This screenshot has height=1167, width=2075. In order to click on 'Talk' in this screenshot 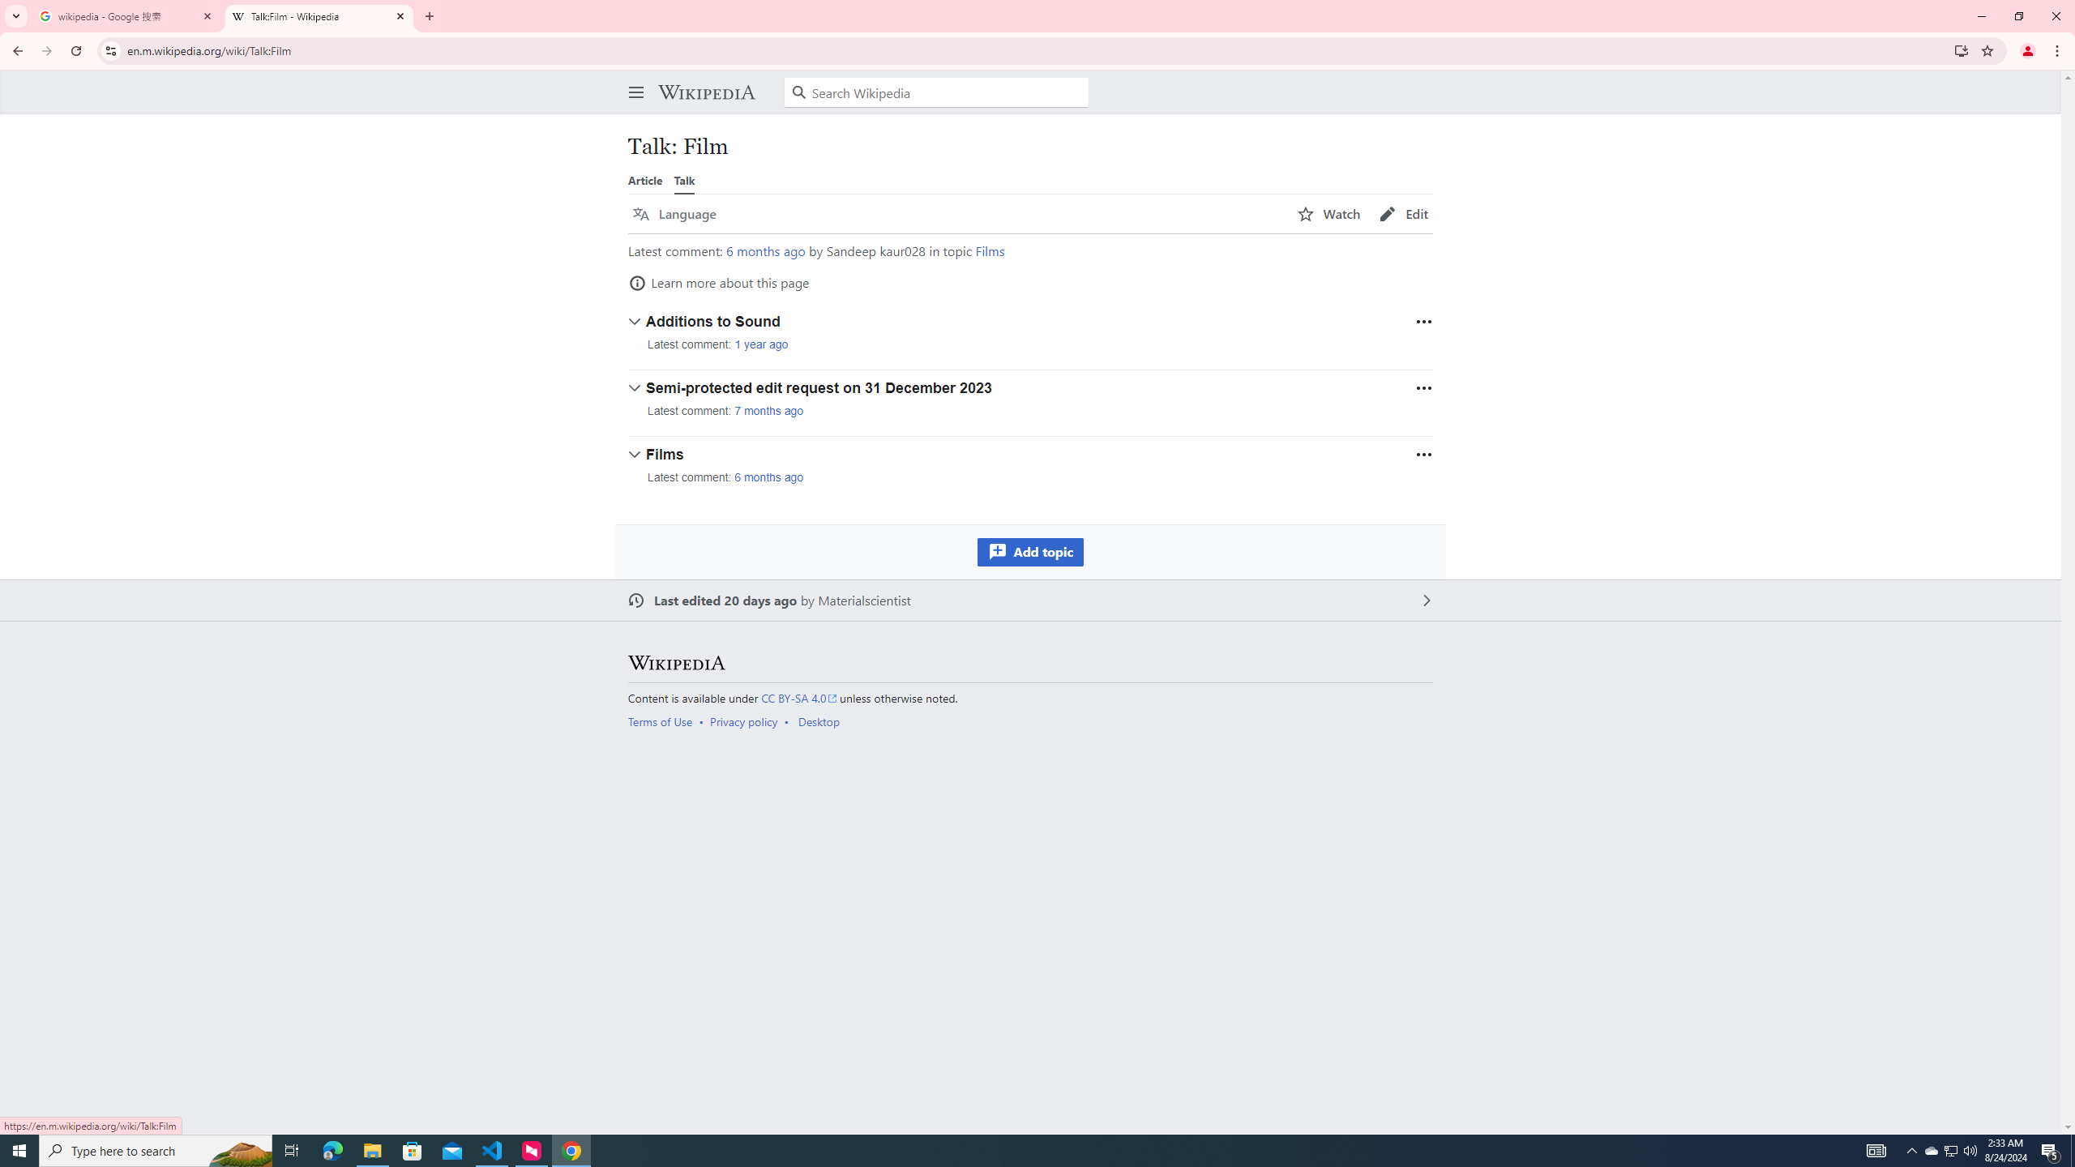, I will do `click(683, 180)`.